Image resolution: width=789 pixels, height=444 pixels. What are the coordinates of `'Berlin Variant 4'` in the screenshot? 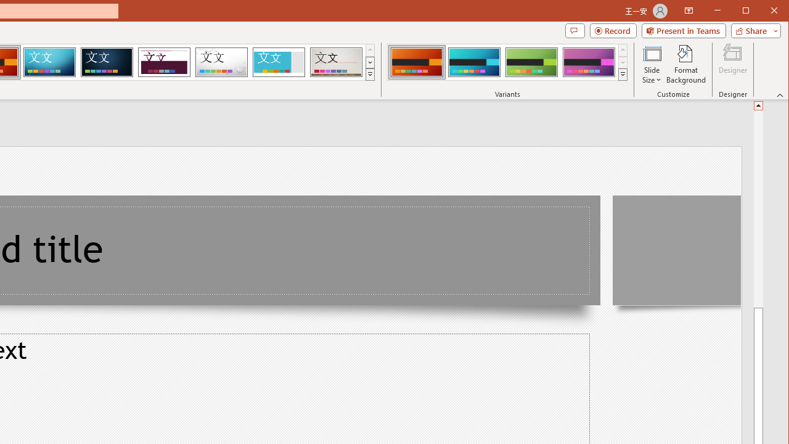 It's located at (588, 62).